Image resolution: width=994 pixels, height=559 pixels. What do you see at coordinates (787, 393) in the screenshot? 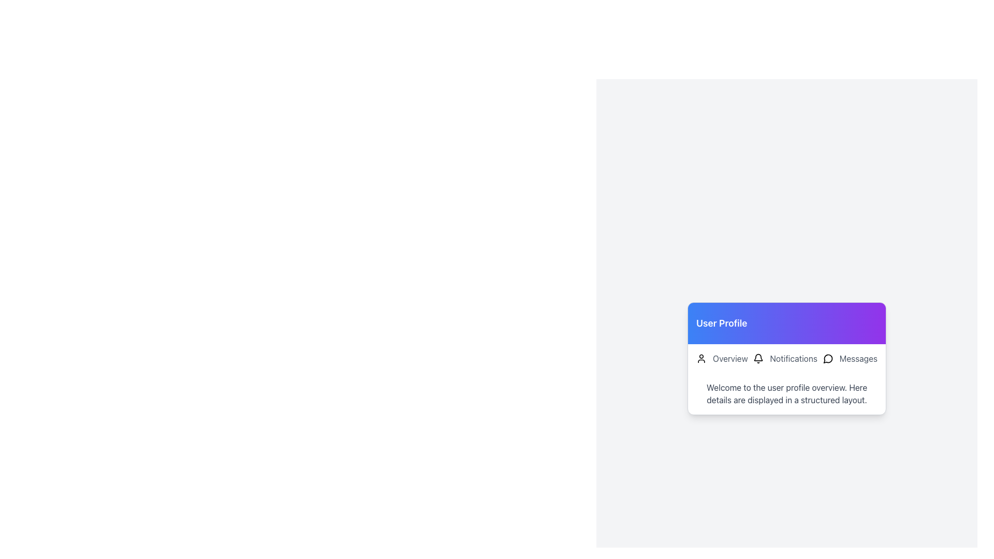
I see `the text block that reads 'Welcome to the user profile overview. Here details are displayed in a structured layout.' styled with gray font against a white background` at bounding box center [787, 393].